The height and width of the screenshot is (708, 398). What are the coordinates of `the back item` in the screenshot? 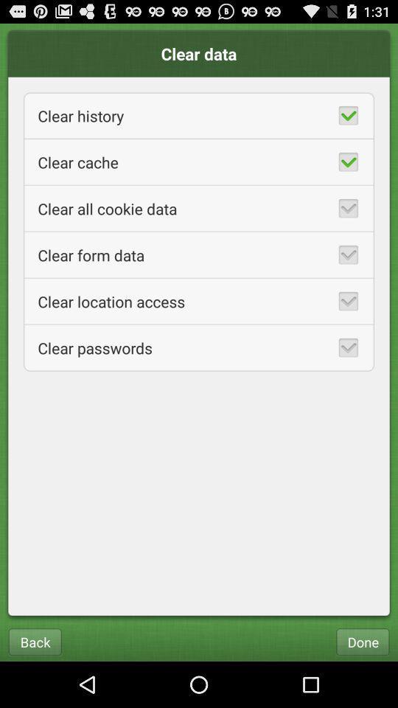 It's located at (35, 641).